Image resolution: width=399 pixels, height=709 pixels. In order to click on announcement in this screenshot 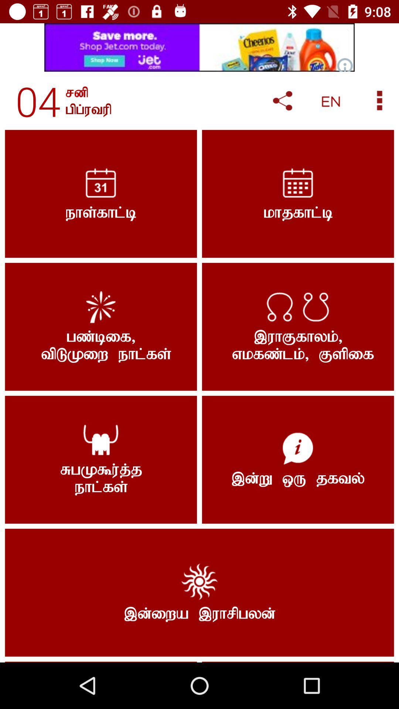, I will do `click(199, 47)`.